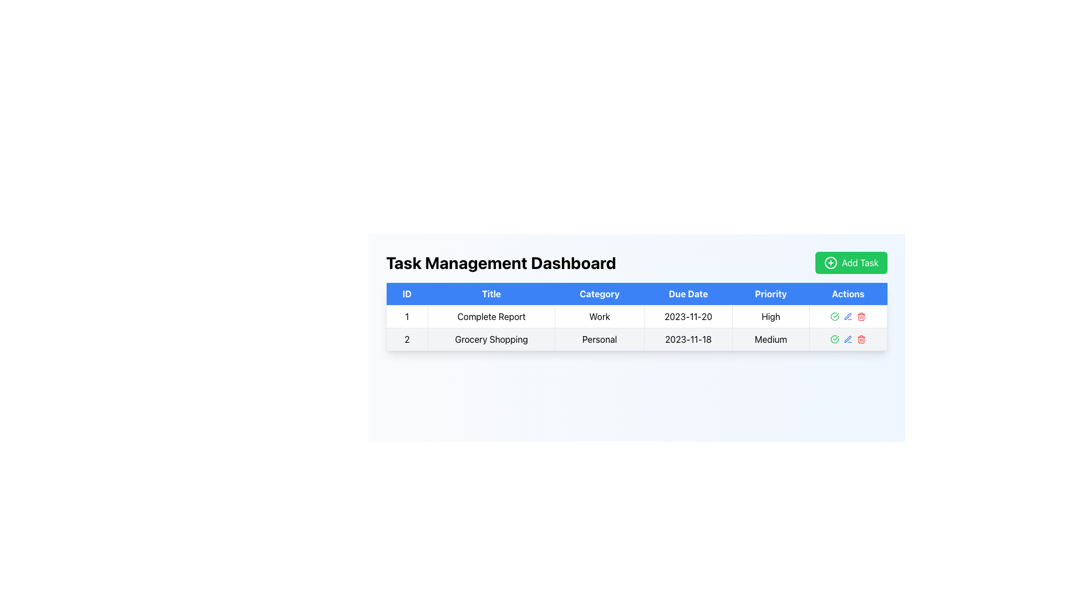  What do you see at coordinates (848, 316) in the screenshot?
I see `the pen icon button in the 'Actions' column for the second task entry to change its color` at bounding box center [848, 316].